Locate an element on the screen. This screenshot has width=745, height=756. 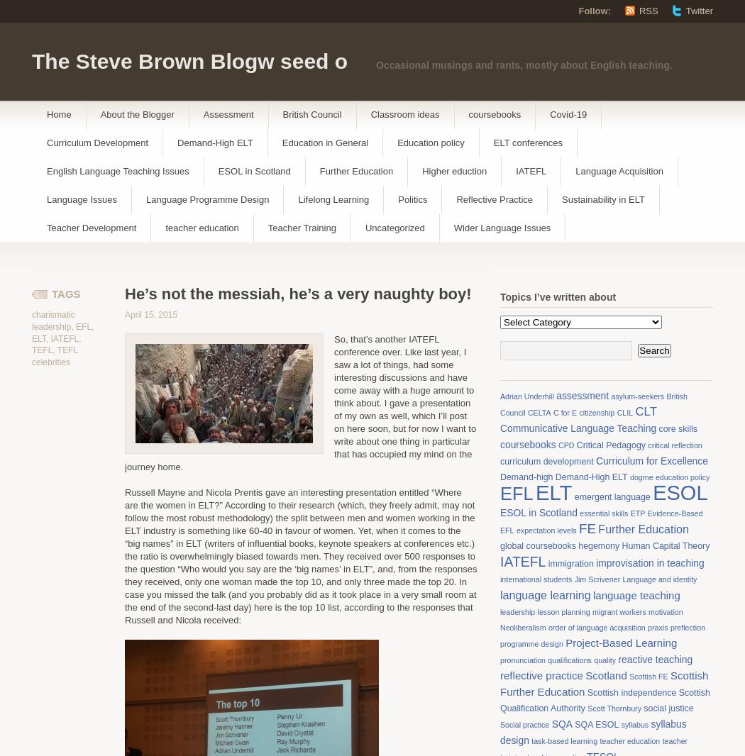
'Neoliberalism' is located at coordinates (500, 627).